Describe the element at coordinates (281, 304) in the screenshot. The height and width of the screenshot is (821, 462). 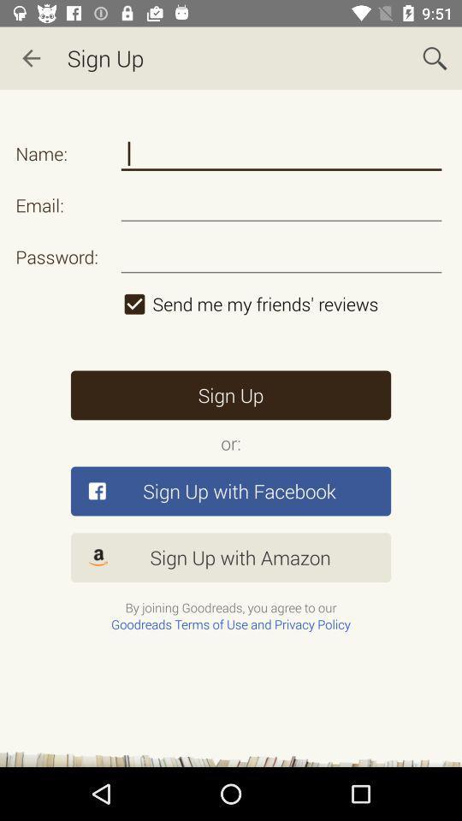
I see `the item below the password:` at that location.